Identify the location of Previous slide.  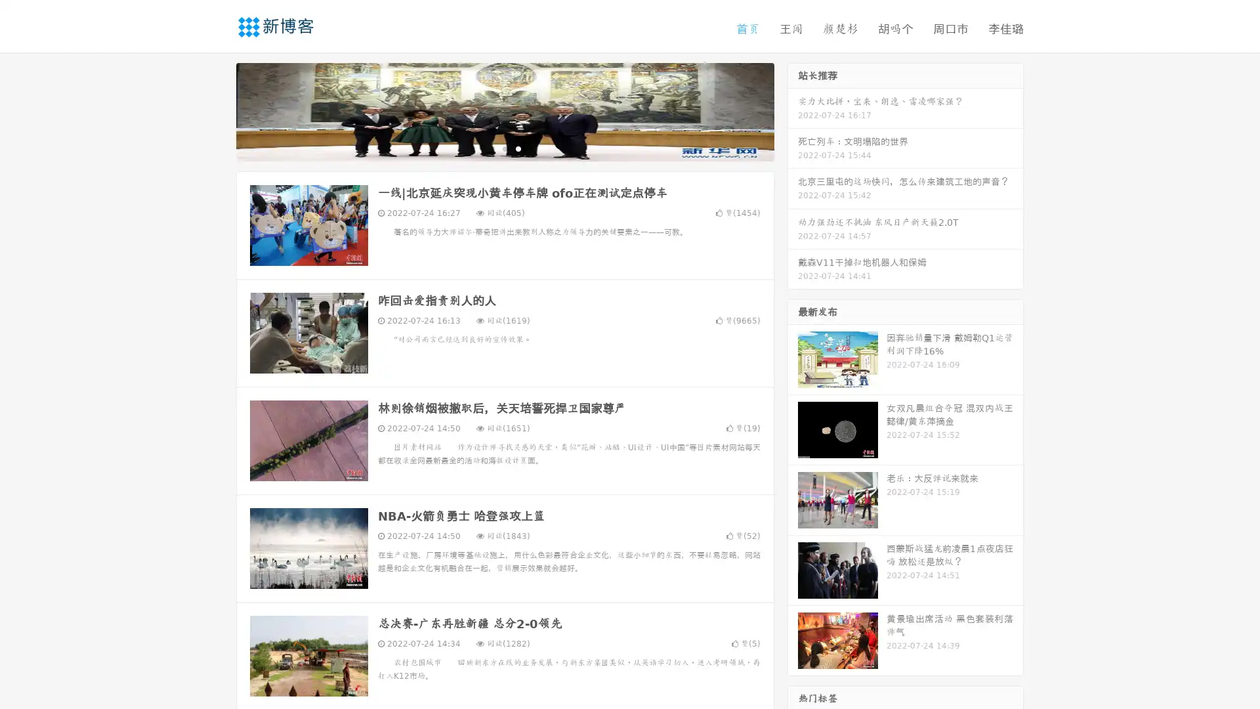
(217, 110).